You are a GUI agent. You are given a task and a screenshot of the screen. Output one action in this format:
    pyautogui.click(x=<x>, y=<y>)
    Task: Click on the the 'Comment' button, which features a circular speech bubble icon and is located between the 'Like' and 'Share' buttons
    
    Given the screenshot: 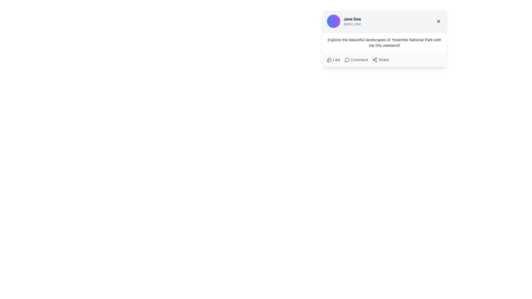 What is the action you would take?
    pyautogui.click(x=356, y=60)
    